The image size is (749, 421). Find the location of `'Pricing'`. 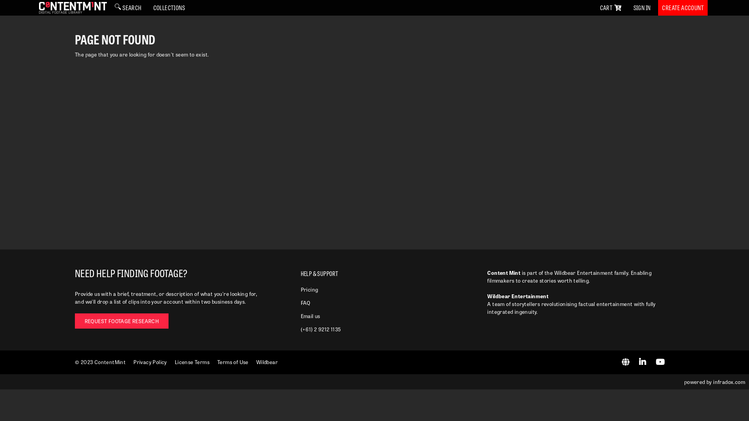

'Pricing' is located at coordinates (309, 289).